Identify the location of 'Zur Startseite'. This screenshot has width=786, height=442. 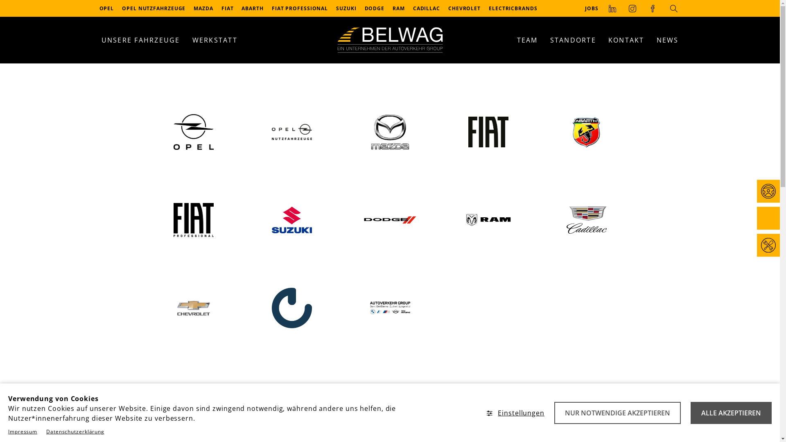
(389, 40).